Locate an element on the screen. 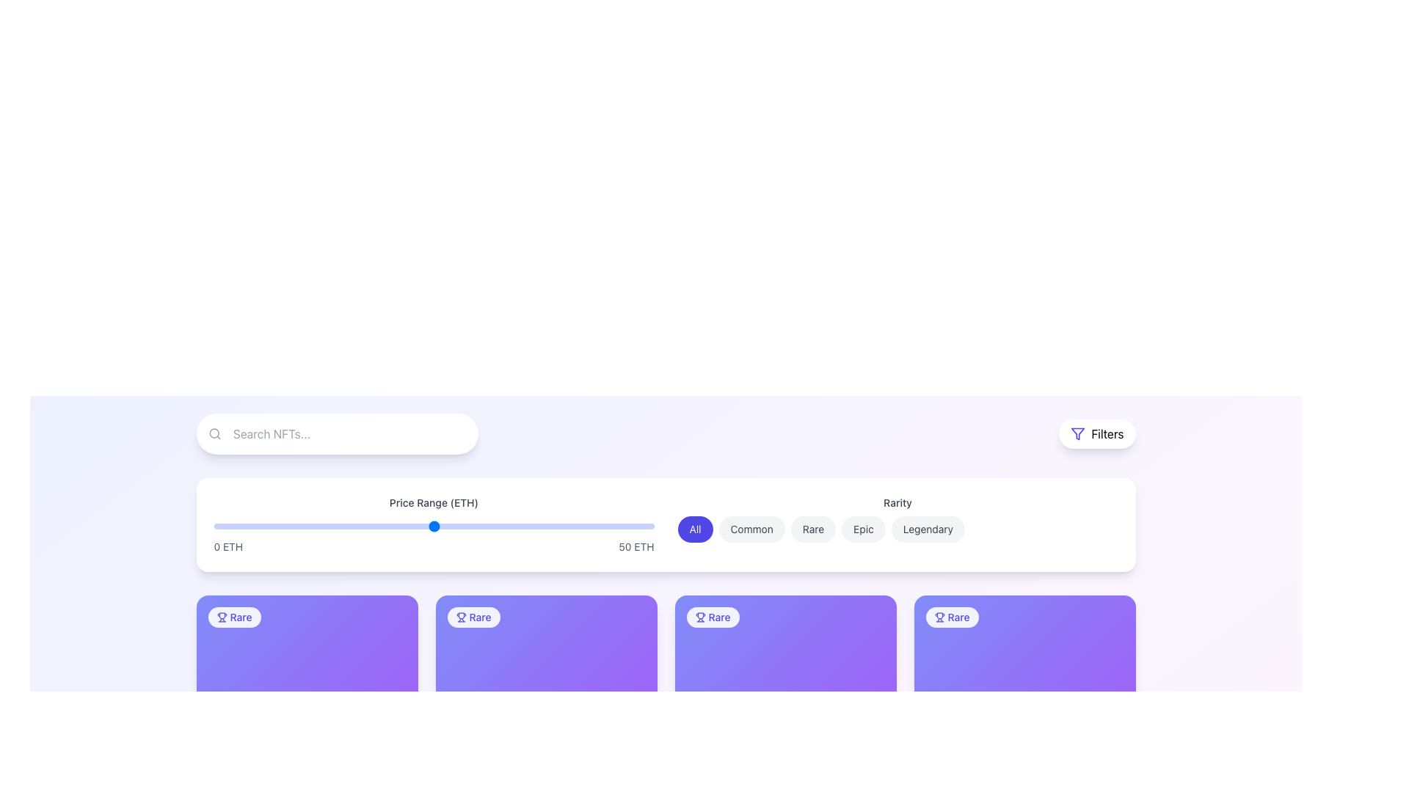 The image size is (1409, 792). the 'Rare' Label badge, which is a pill-shaped badge with a trophy icon and bold indigo text, located at the top-left corner inside a purple square card is located at coordinates (713, 617).